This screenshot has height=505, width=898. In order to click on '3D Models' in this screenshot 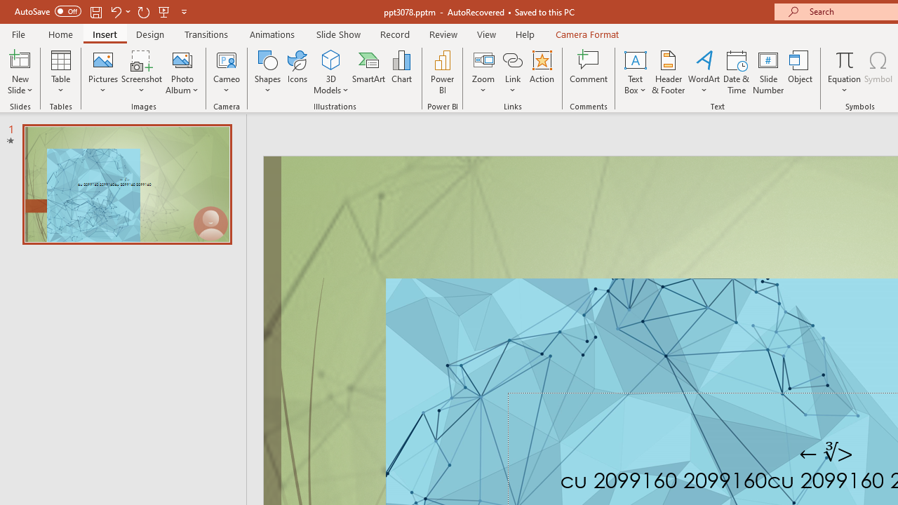, I will do `click(330, 59)`.